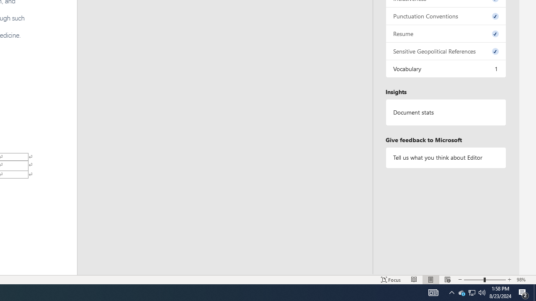  Describe the element at coordinates (523, 292) in the screenshot. I see `'Action Center, 2 new notifications'` at that location.